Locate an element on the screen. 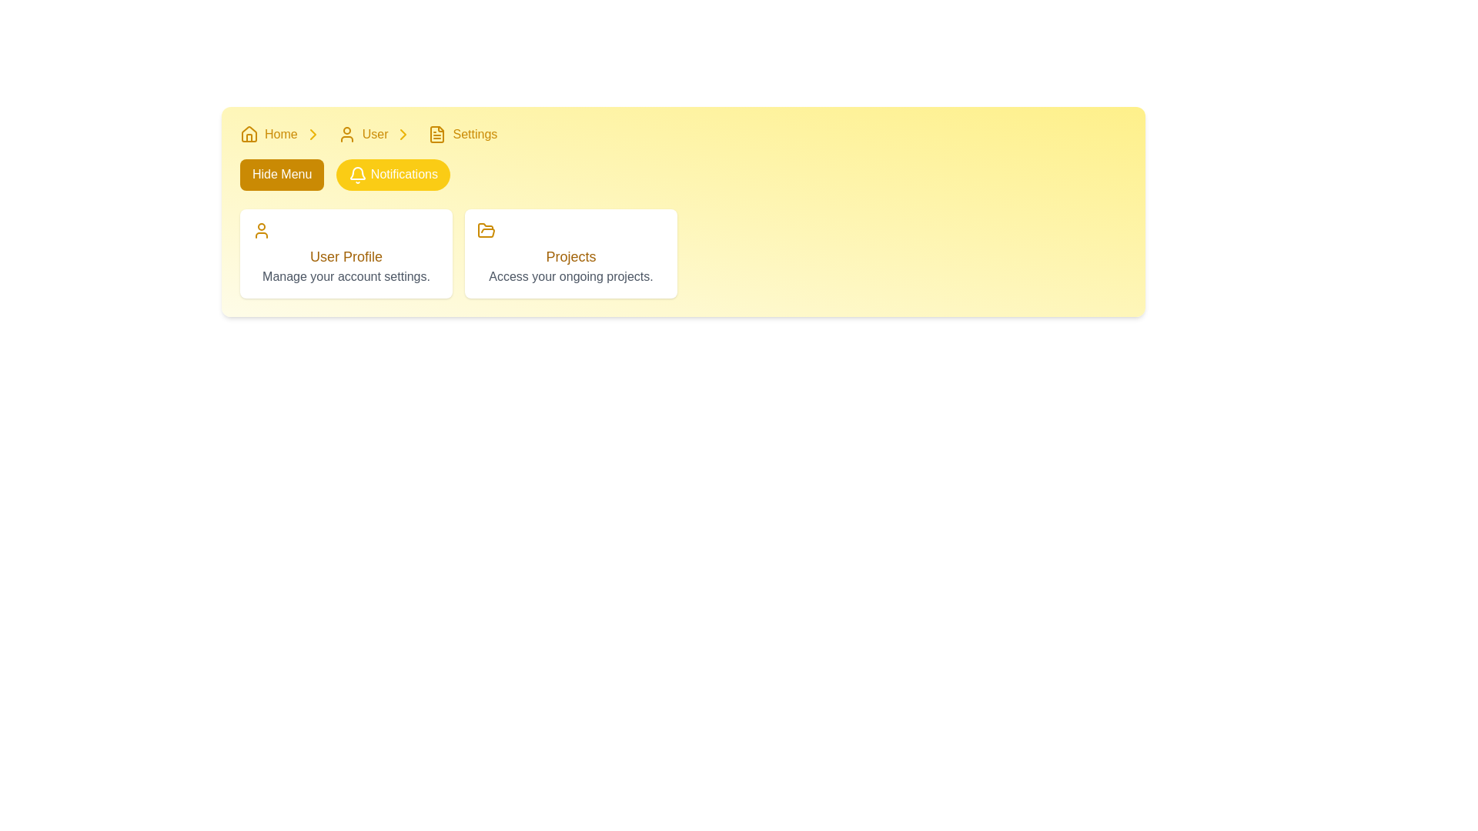  the static visual icon representing the user's profile, located at the top-left corner of the 'User Profile' card is located at coordinates (262, 230).